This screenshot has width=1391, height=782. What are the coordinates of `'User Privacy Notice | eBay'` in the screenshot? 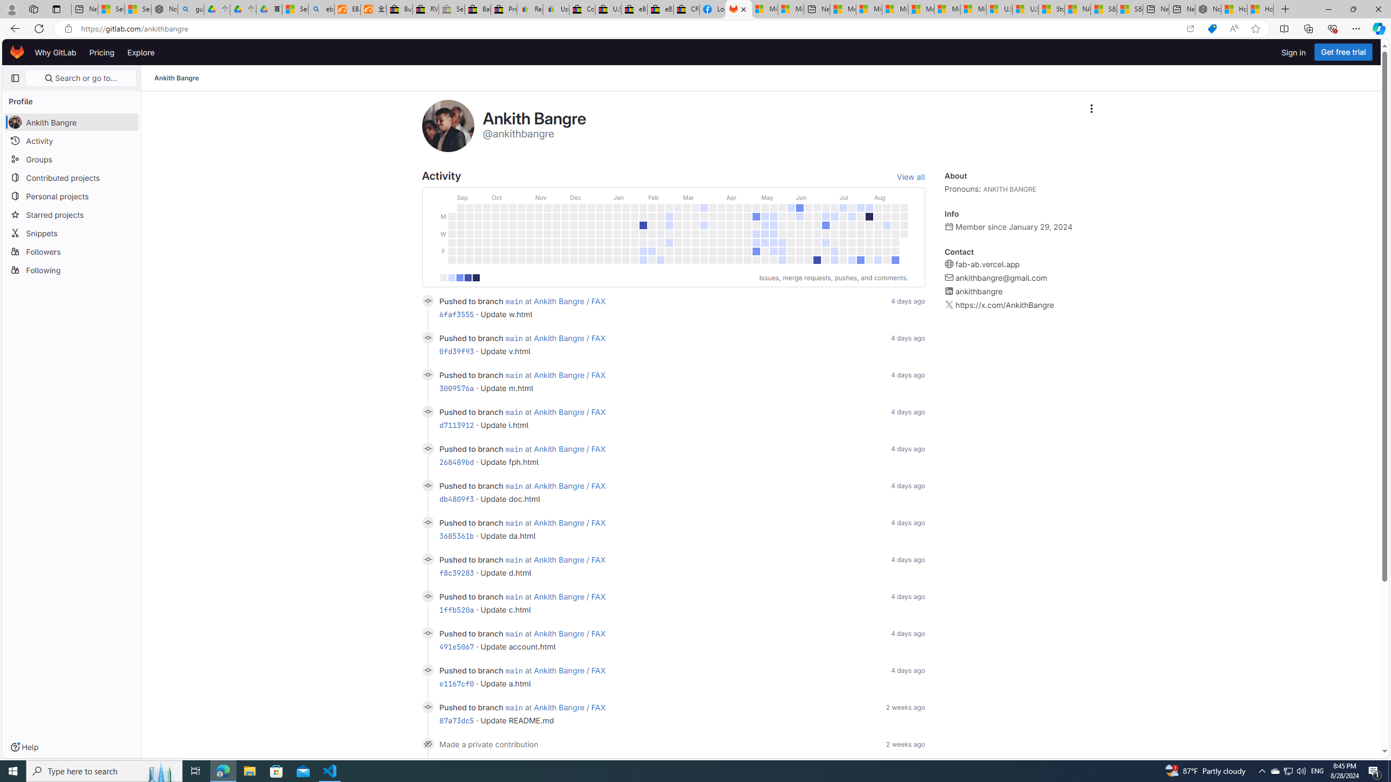 It's located at (555, 9).